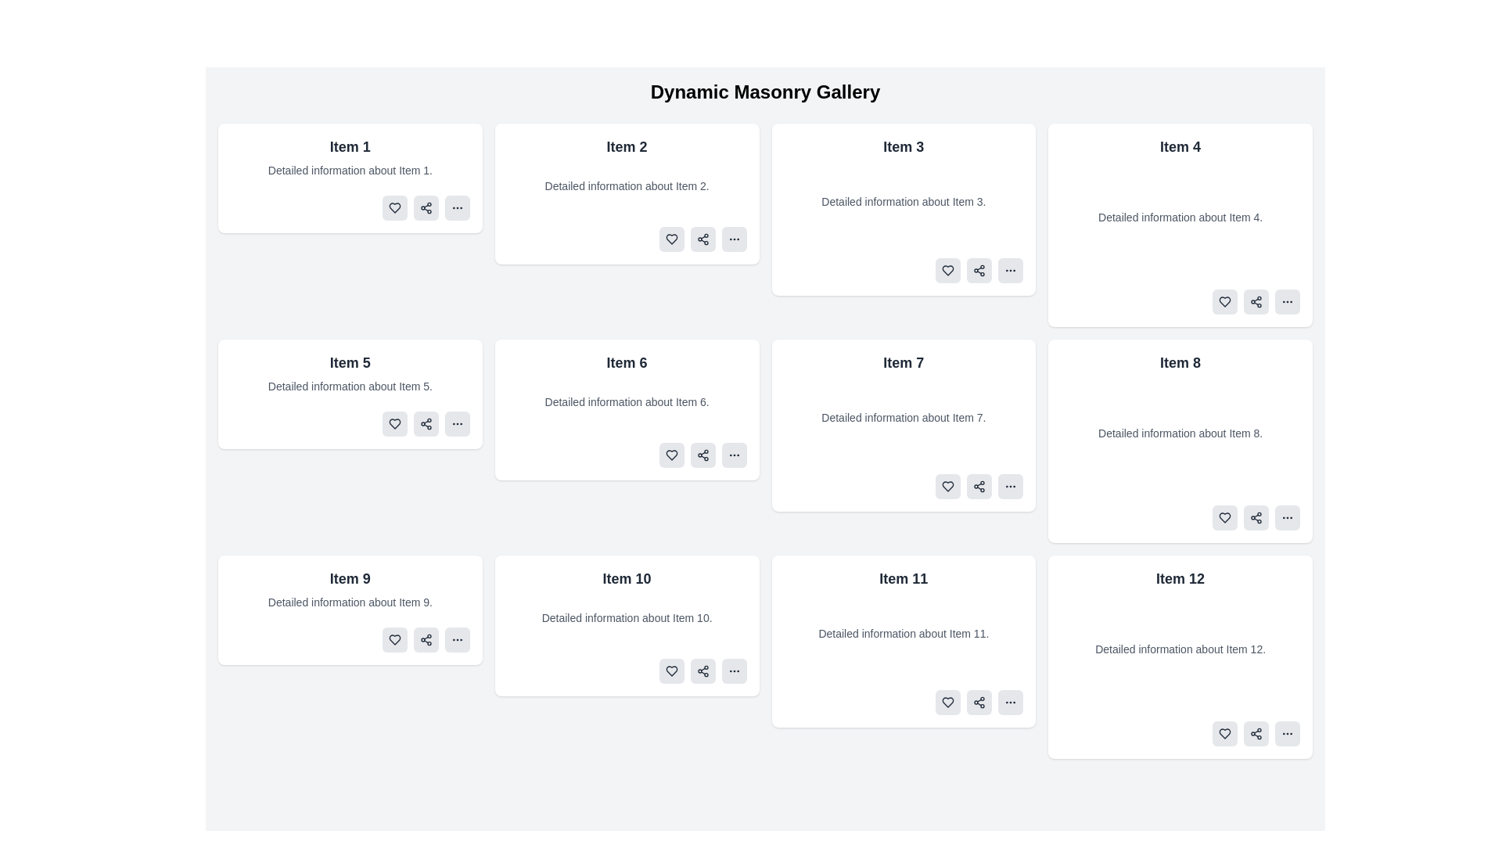 This screenshot has height=845, width=1502. What do you see at coordinates (733, 455) in the screenshot?
I see `the options menu button, which is the fourth interactive icon in the action area of the card labeled 'Item 6'` at bounding box center [733, 455].